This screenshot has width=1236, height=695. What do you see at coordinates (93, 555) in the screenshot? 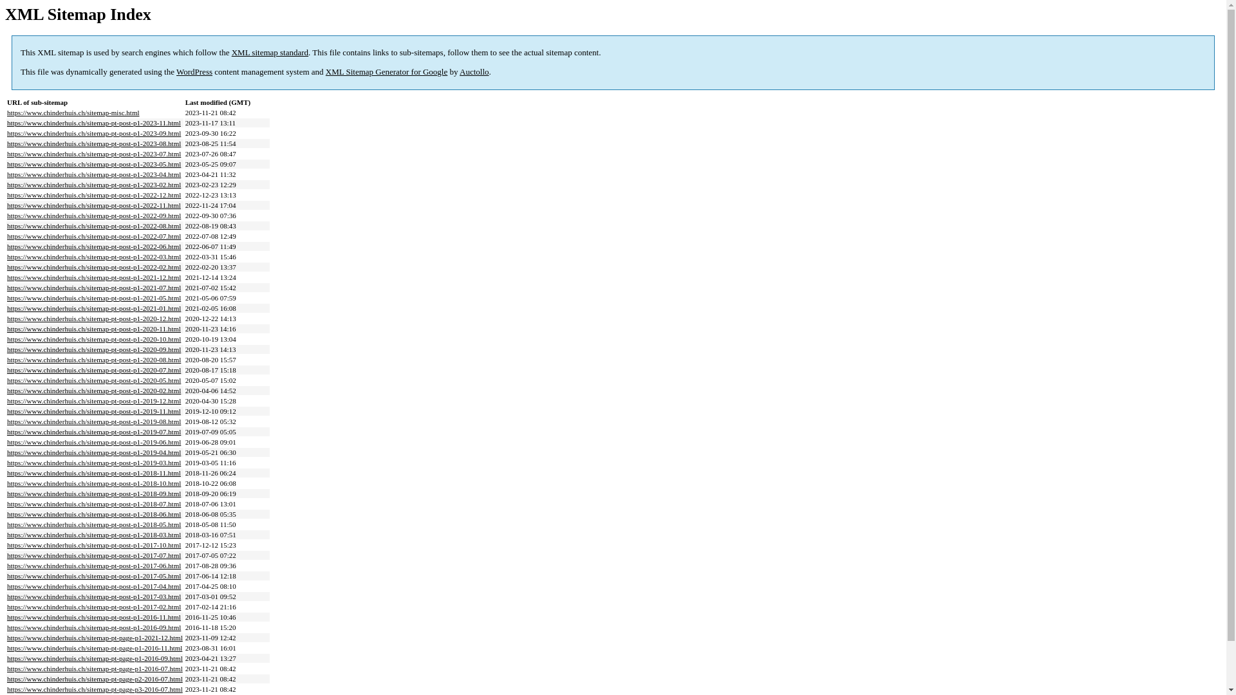
I see `'https://www.chinderhuis.ch/sitemap-pt-post-p1-2017-07.html'` at bounding box center [93, 555].